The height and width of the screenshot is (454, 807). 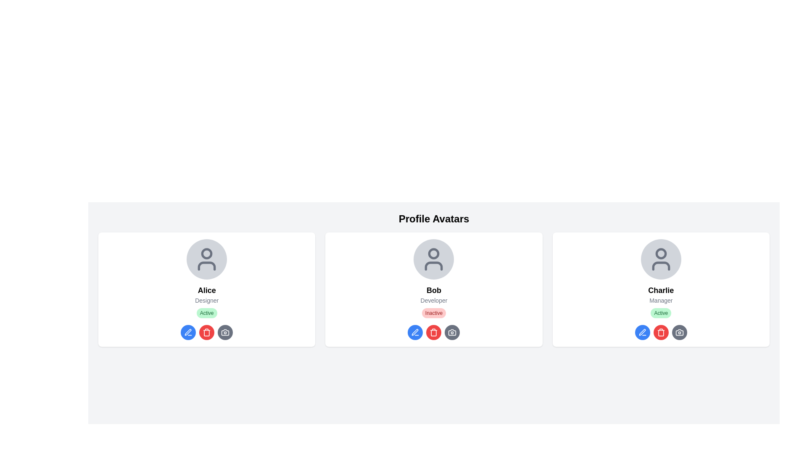 I want to click on the small blue circular button with a white pen icon located at the bottom of Alice's profile card to initiate its action, so click(x=188, y=332).